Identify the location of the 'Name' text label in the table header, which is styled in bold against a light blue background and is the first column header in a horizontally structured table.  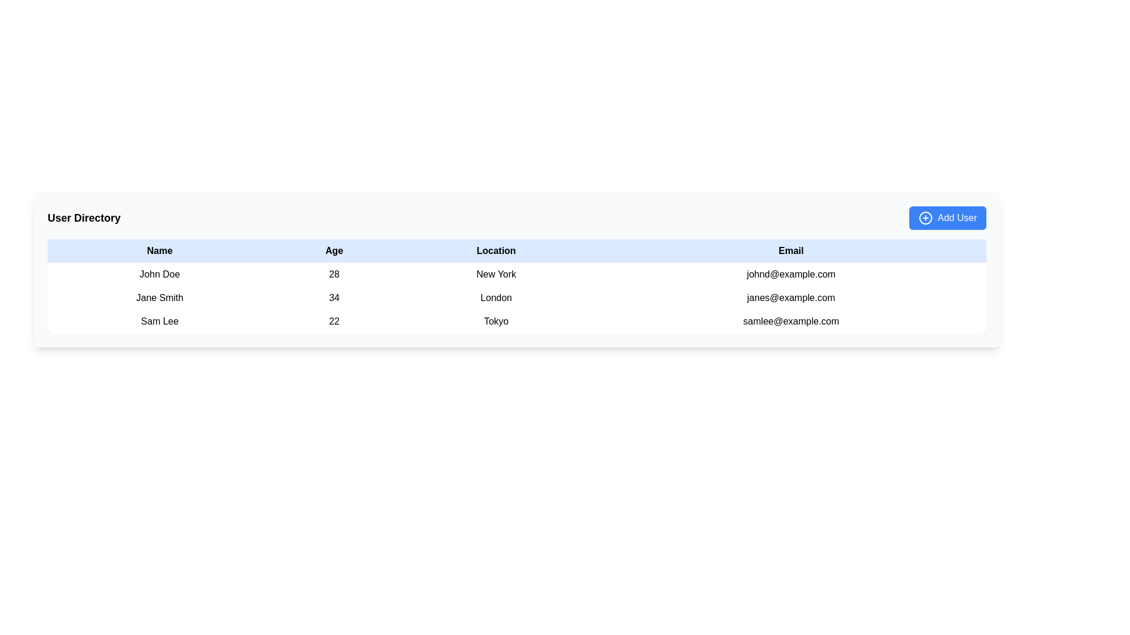
(159, 250).